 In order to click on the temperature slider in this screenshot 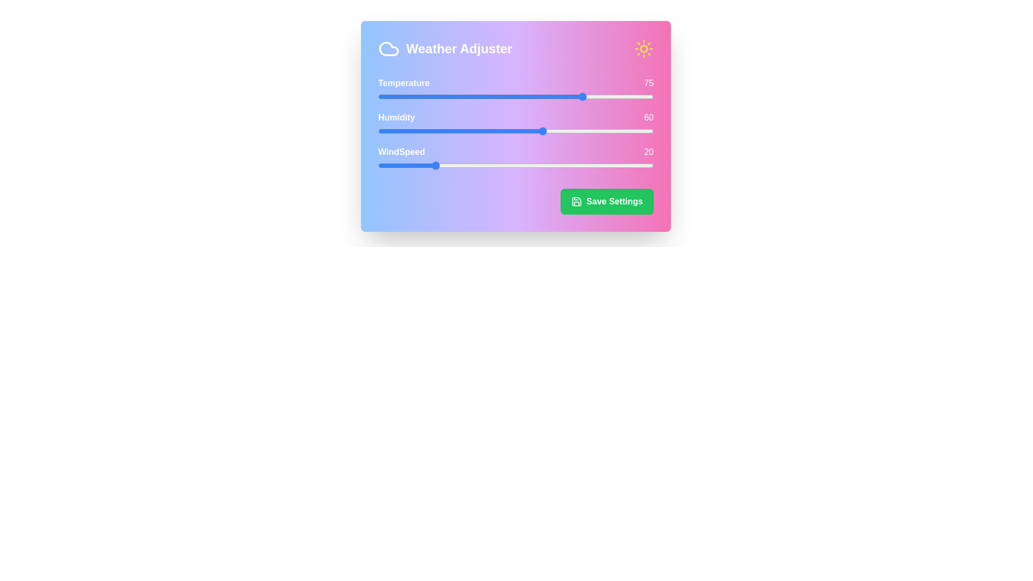, I will do `click(430, 97)`.